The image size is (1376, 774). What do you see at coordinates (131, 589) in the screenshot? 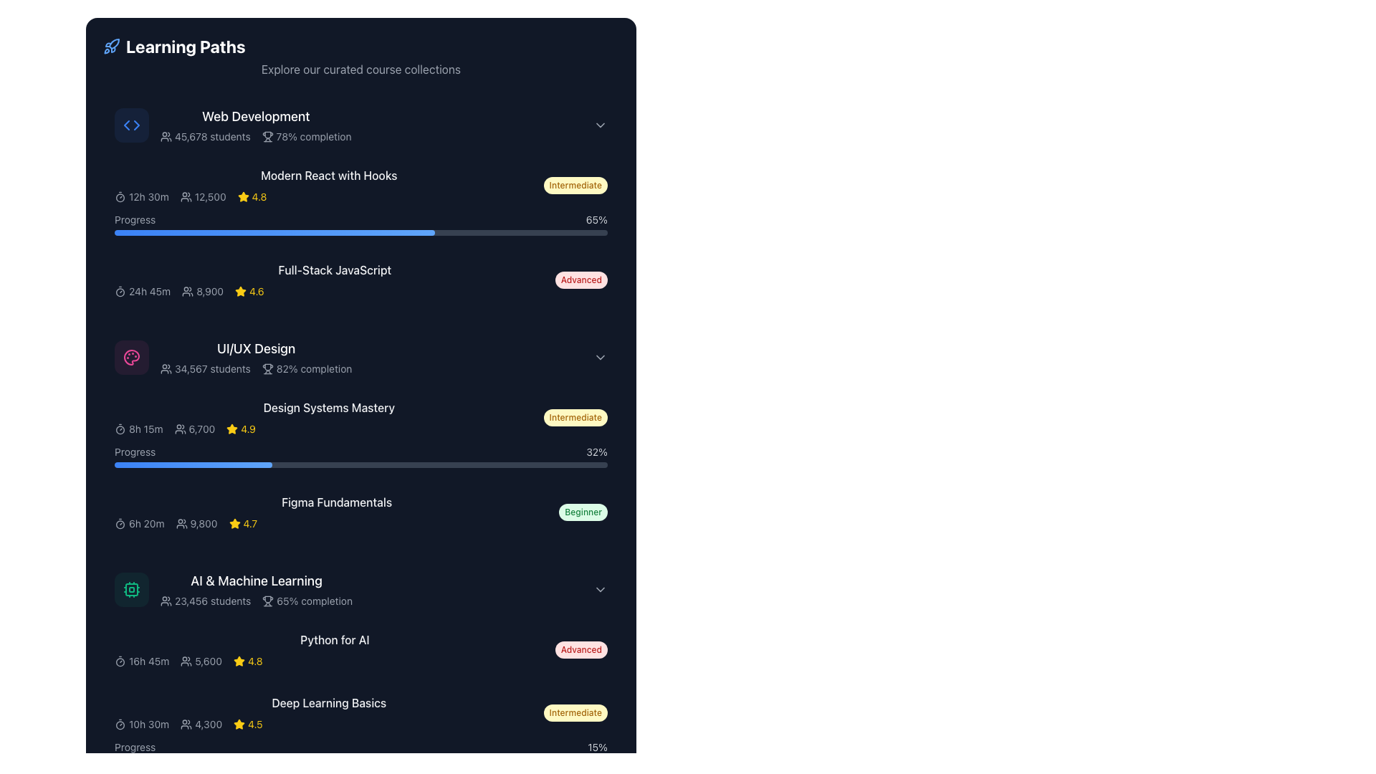
I see `the square-shaped icon featuring a stylized depiction of a computer chip, which is located to the left of the 'AI & Machine Learning' title text block` at bounding box center [131, 589].